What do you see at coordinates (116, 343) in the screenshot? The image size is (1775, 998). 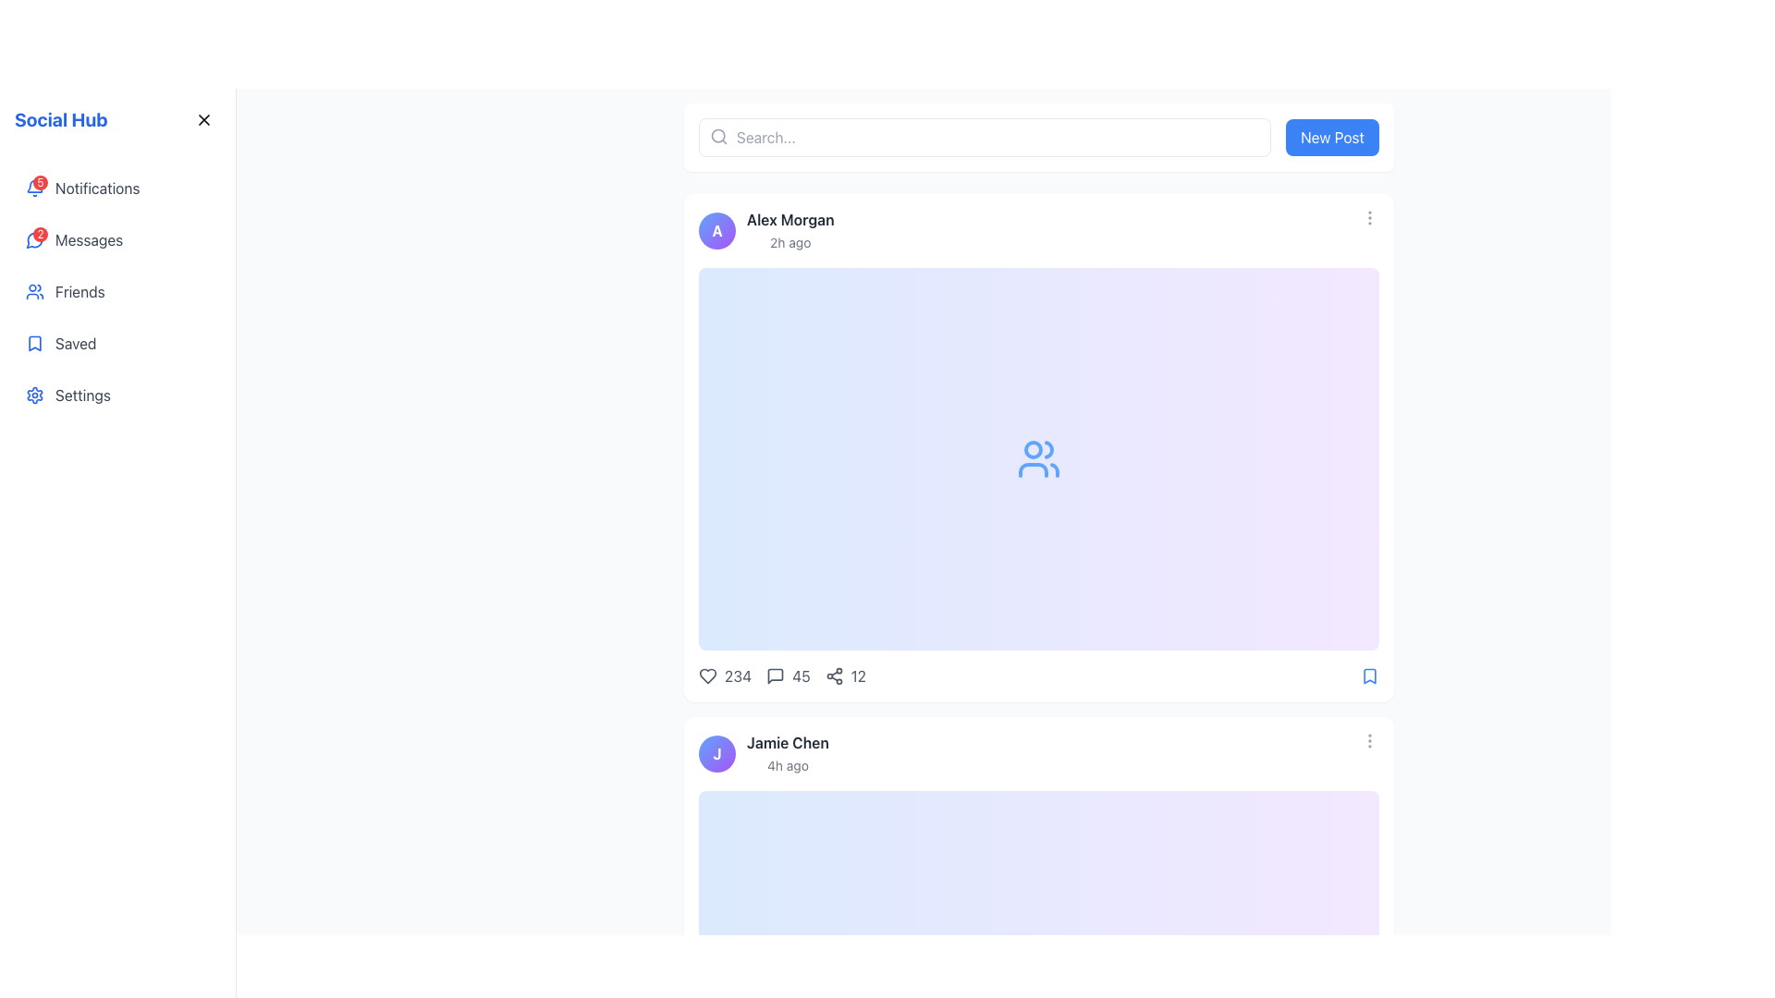 I see `the fourth item in the sidebar menu, which serves as a navigation link` at bounding box center [116, 343].